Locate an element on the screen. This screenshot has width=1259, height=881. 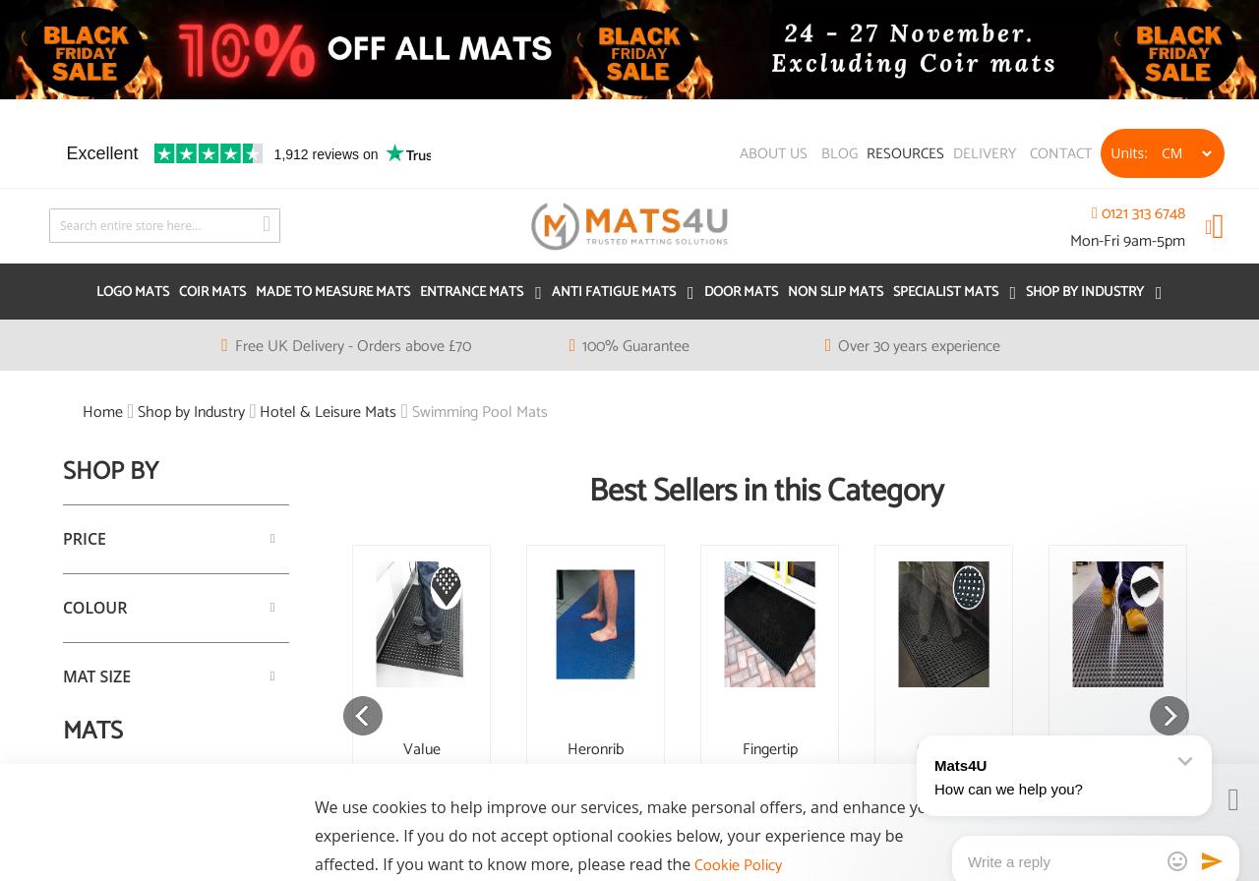
'CONTACT' is located at coordinates (1059, 152).